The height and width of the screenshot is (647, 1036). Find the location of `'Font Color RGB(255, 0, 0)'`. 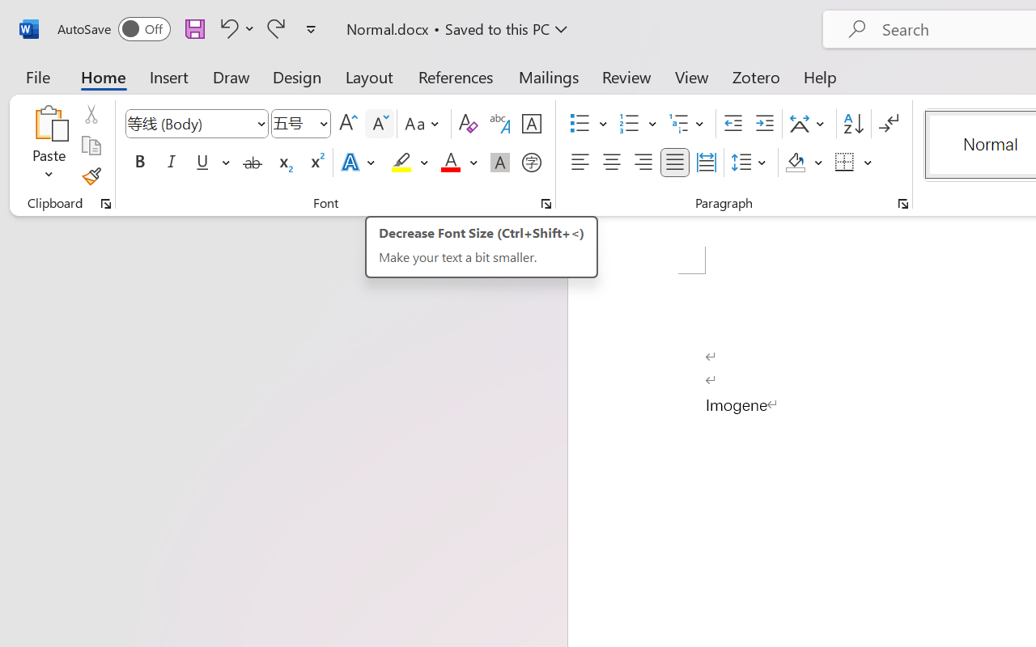

'Font Color RGB(255, 0, 0)' is located at coordinates (450, 163).